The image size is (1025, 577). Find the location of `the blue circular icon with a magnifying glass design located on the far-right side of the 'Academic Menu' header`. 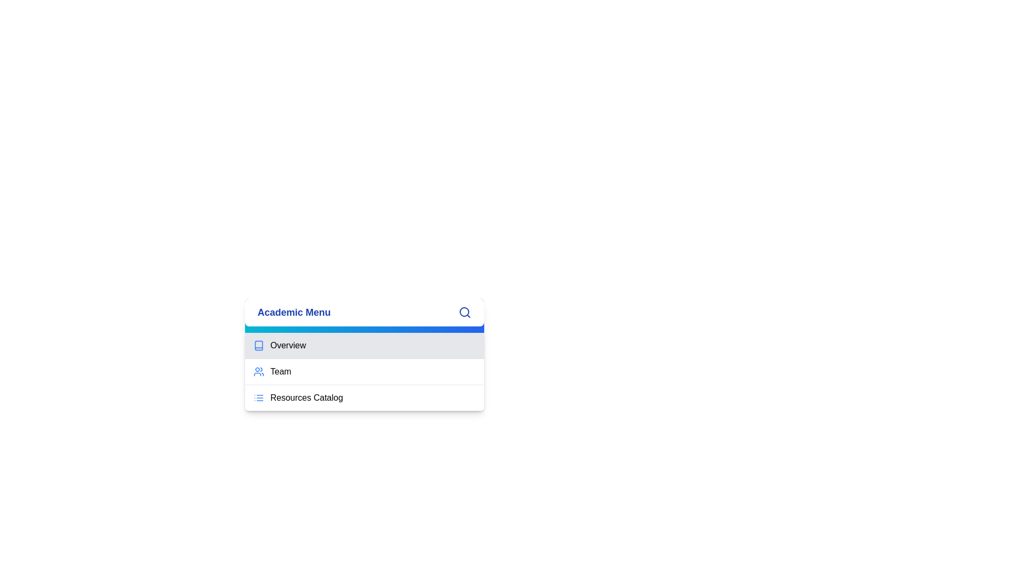

the blue circular icon with a magnifying glass design located on the far-right side of the 'Academic Menu' header is located at coordinates (464, 311).